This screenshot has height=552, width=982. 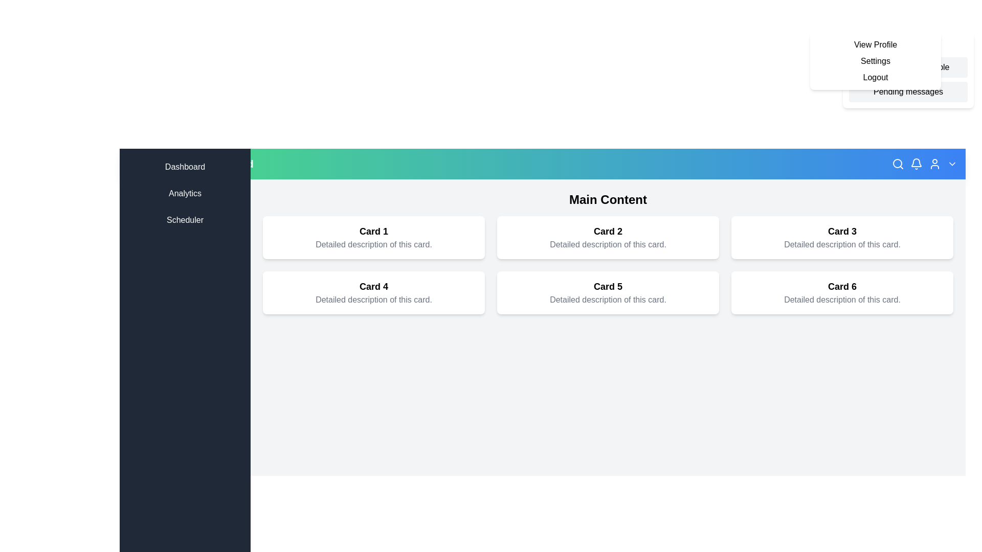 What do you see at coordinates (842, 244) in the screenshot?
I see `the text element styled in gray, reading 'Detailed description of this card,' located beneath the title 'Card 3' in the top-right card of the grid layout` at bounding box center [842, 244].